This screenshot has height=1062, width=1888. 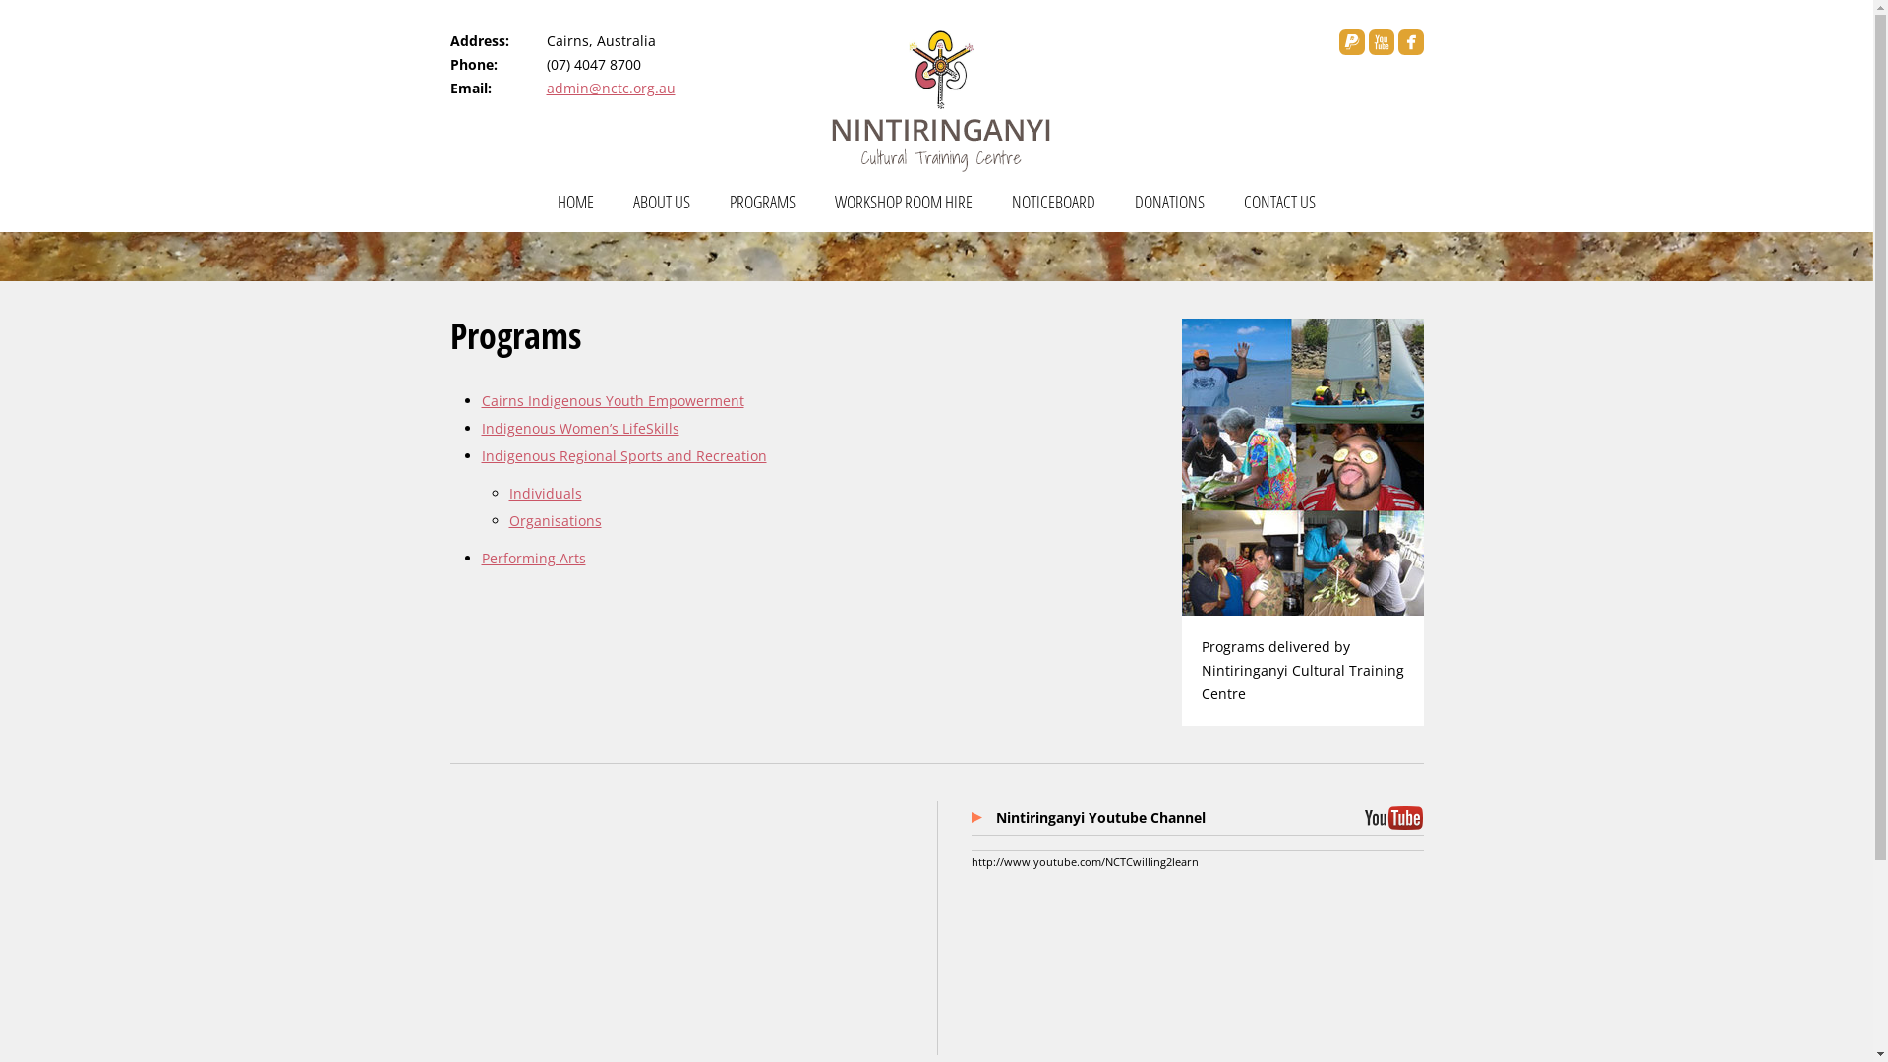 I want to click on 'HOME', so click(x=574, y=208).